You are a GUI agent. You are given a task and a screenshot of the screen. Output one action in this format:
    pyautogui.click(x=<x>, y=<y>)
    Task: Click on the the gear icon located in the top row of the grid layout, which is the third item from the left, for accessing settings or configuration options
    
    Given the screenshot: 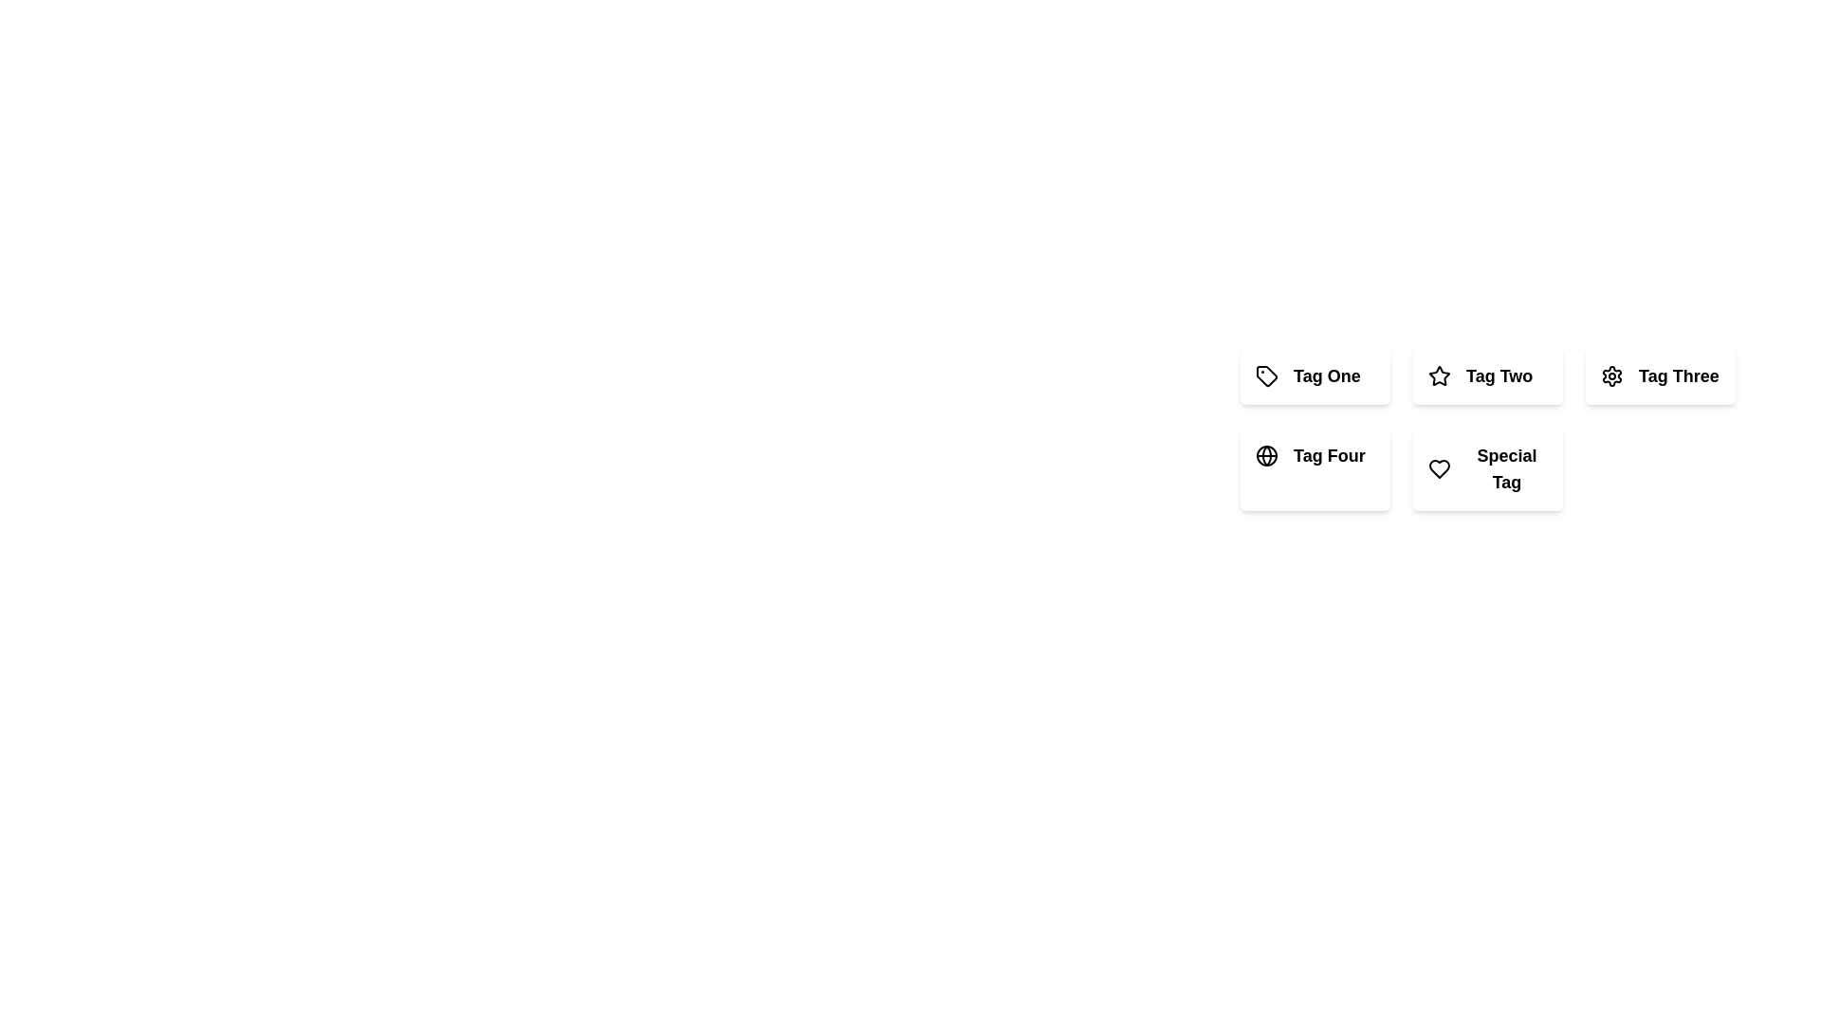 What is the action you would take?
    pyautogui.click(x=1610, y=376)
    